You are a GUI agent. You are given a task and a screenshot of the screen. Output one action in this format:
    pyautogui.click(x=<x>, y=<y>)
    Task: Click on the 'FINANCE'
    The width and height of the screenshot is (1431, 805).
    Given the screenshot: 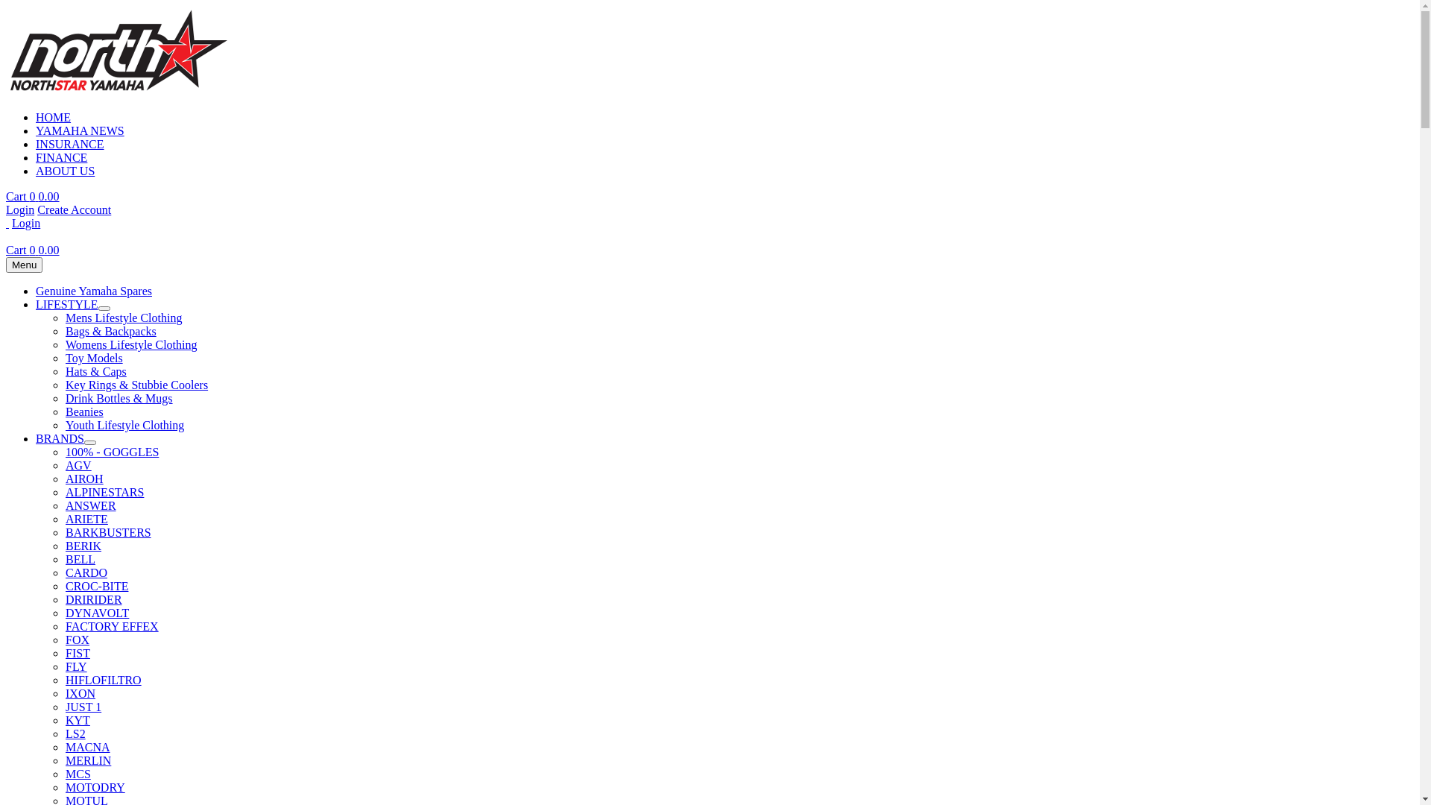 What is the action you would take?
    pyautogui.click(x=60, y=157)
    